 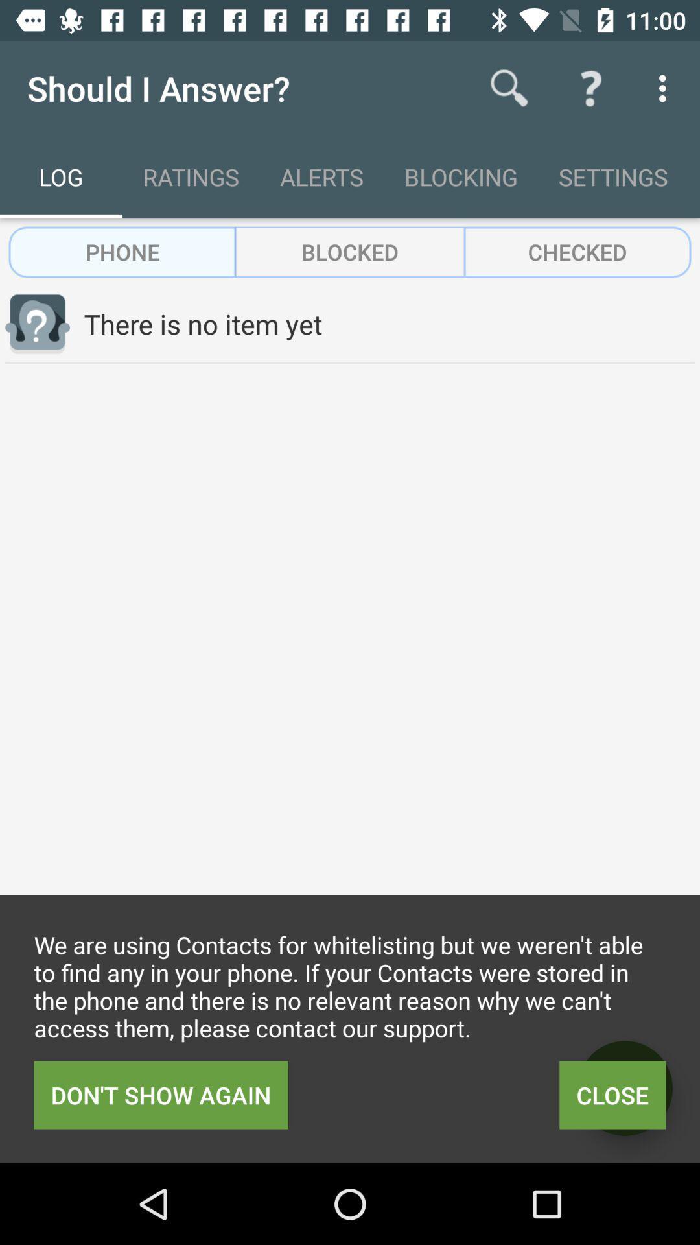 What do you see at coordinates (350, 252) in the screenshot?
I see `the item below the ratings` at bounding box center [350, 252].